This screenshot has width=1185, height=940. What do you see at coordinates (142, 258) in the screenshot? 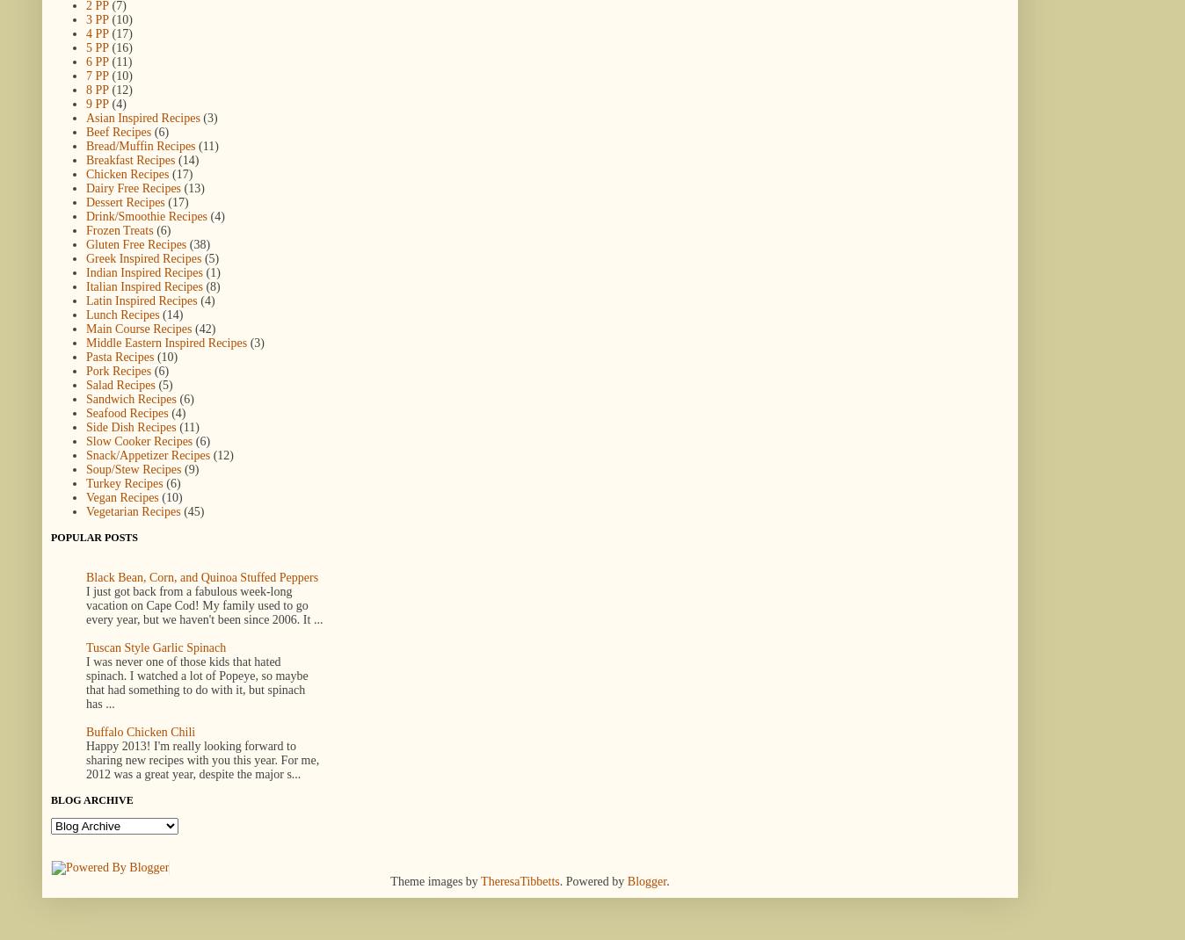
I see `'Greek Inspired Recipes'` at bounding box center [142, 258].